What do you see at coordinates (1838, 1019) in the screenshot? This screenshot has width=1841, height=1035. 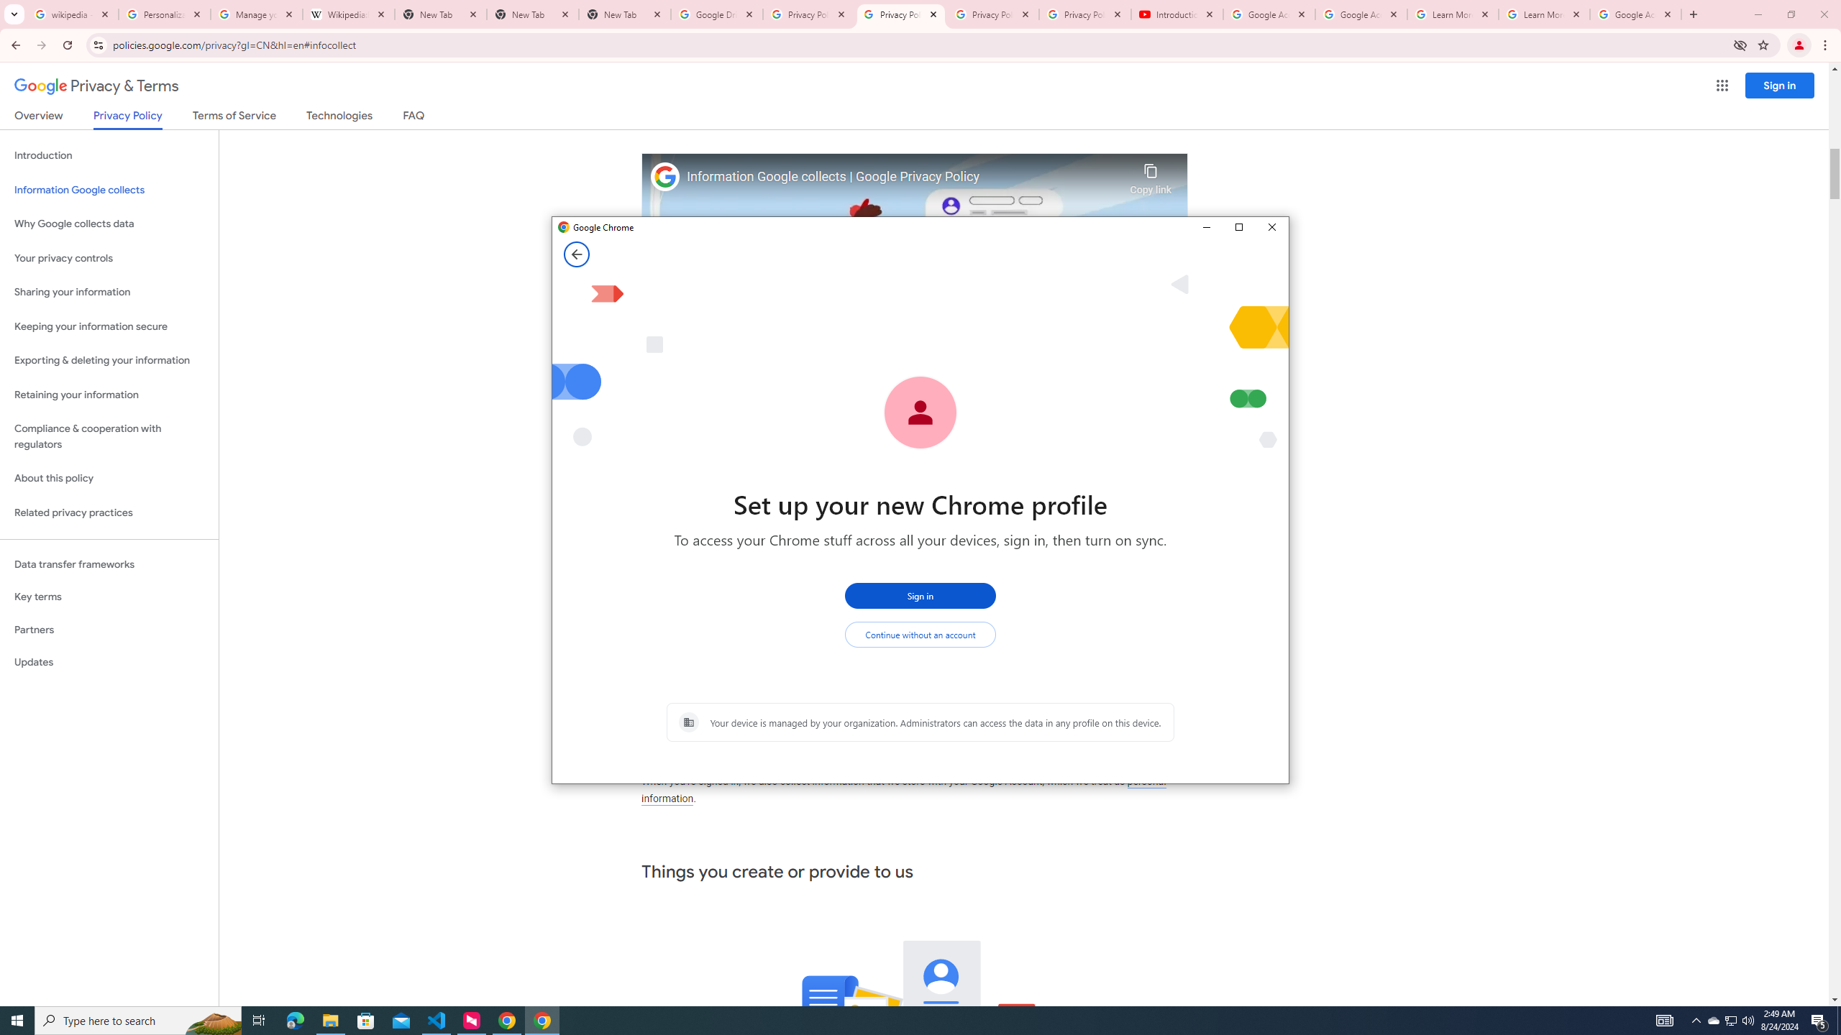 I see `'Show desktop'` at bounding box center [1838, 1019].